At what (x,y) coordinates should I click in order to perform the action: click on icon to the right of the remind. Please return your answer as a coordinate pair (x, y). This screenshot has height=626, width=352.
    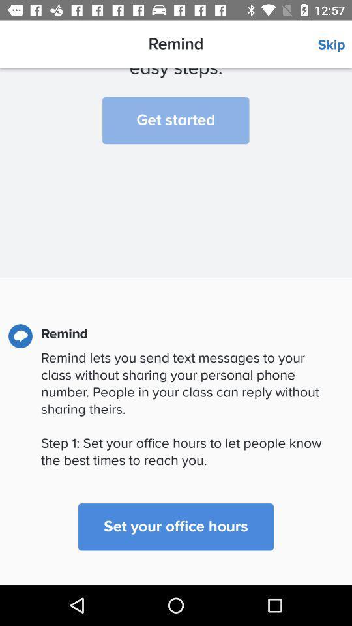
    Looking at the image, I should click on (334, 45).